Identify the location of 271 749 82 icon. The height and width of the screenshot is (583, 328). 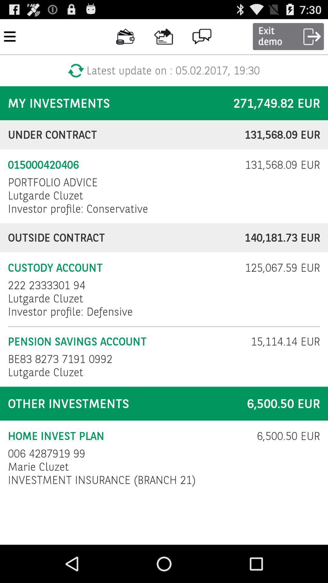
(277, 103).